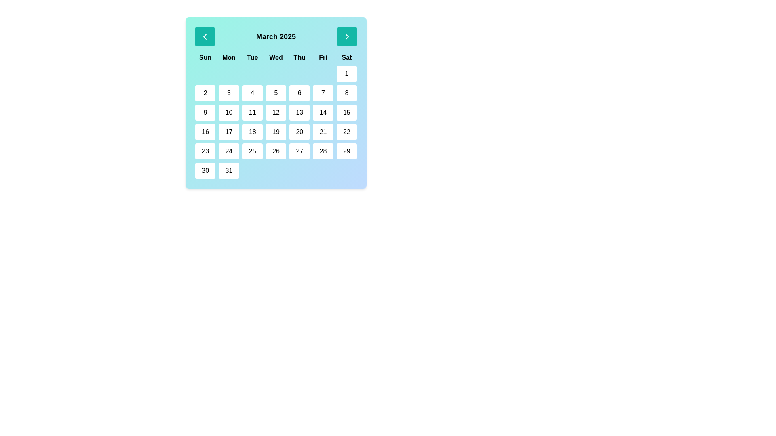 The height and width of the screenshot is (436, 776). What do you see at coordinates (205, 93) in the screenshot?
I see `the calendar date button representing '2', located in the first row and second column of the calendar grid` at bounding box center [205, 93].